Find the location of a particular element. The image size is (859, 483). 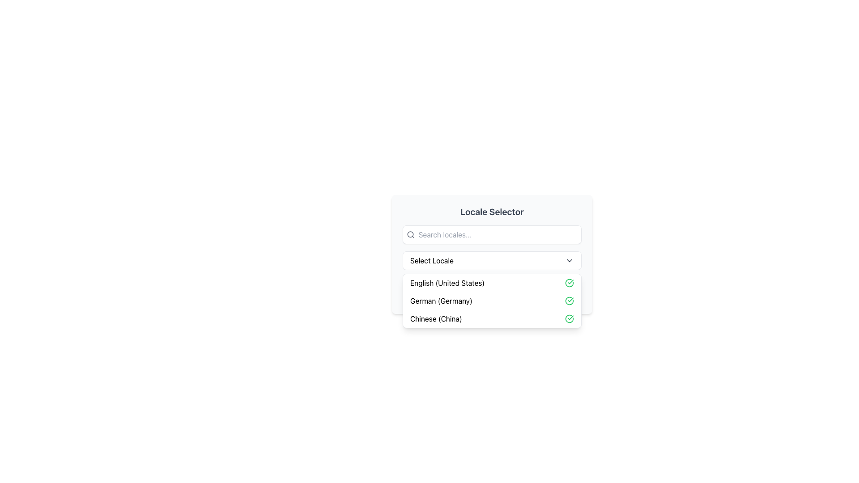

the List Item displaying 'German (Germany)' is located at coordinates (441, 301).